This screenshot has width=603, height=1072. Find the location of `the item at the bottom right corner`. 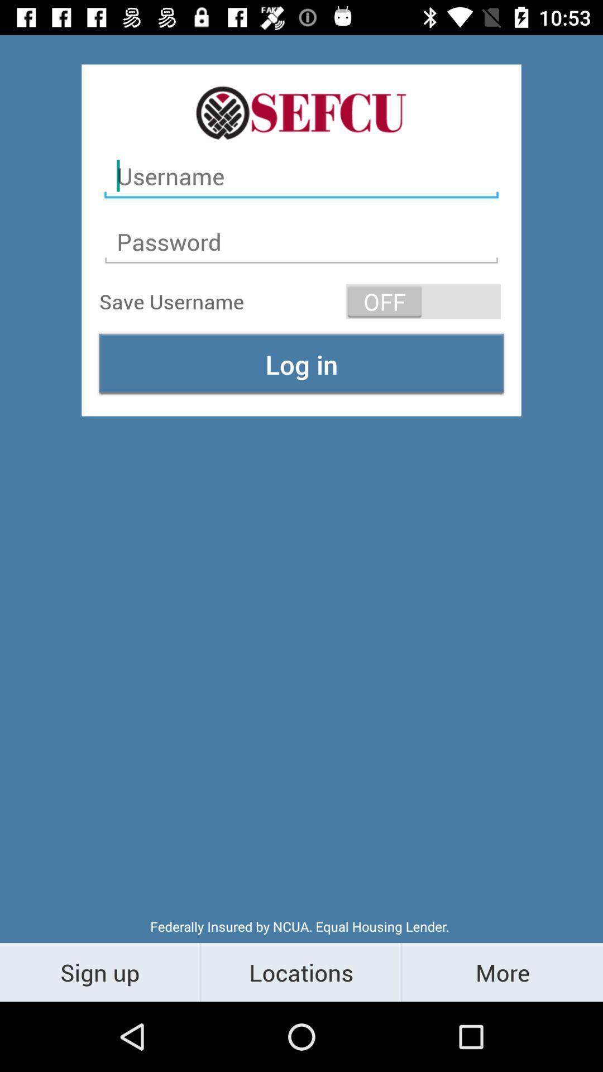

the item at the bottom right corner is located at coordinates (501, 971).